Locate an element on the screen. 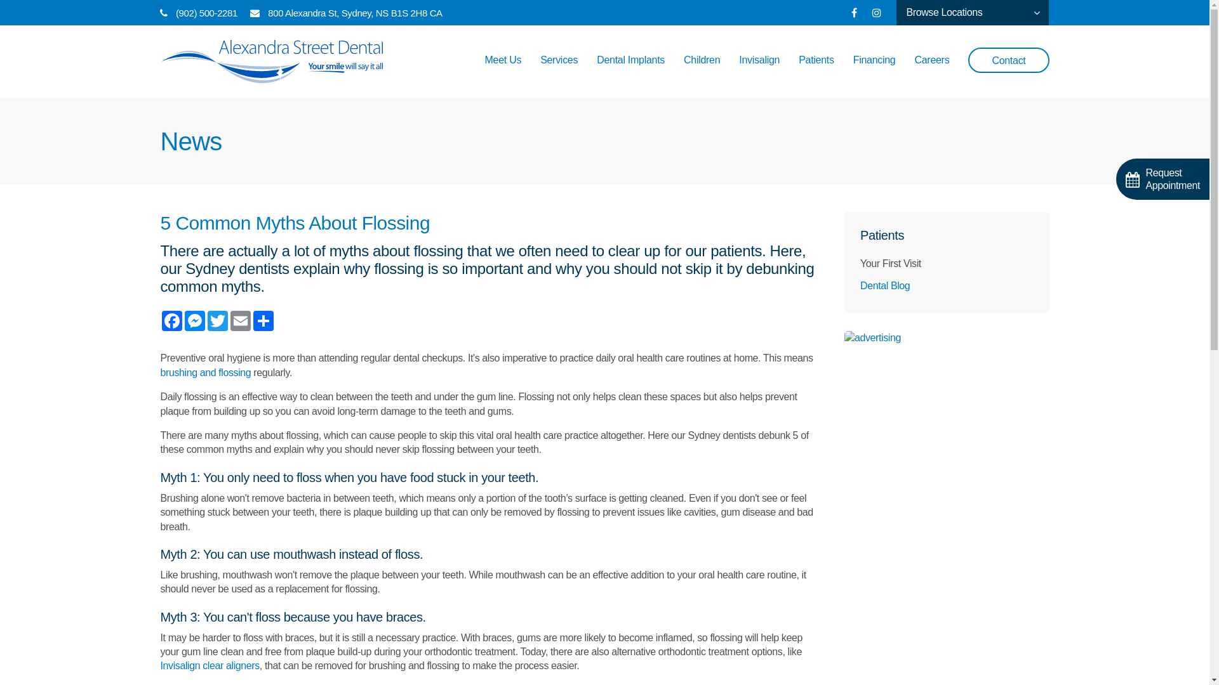 The height and width of the screenshot is (685, 1219). 'Share' is located at coordinates (262, 320).